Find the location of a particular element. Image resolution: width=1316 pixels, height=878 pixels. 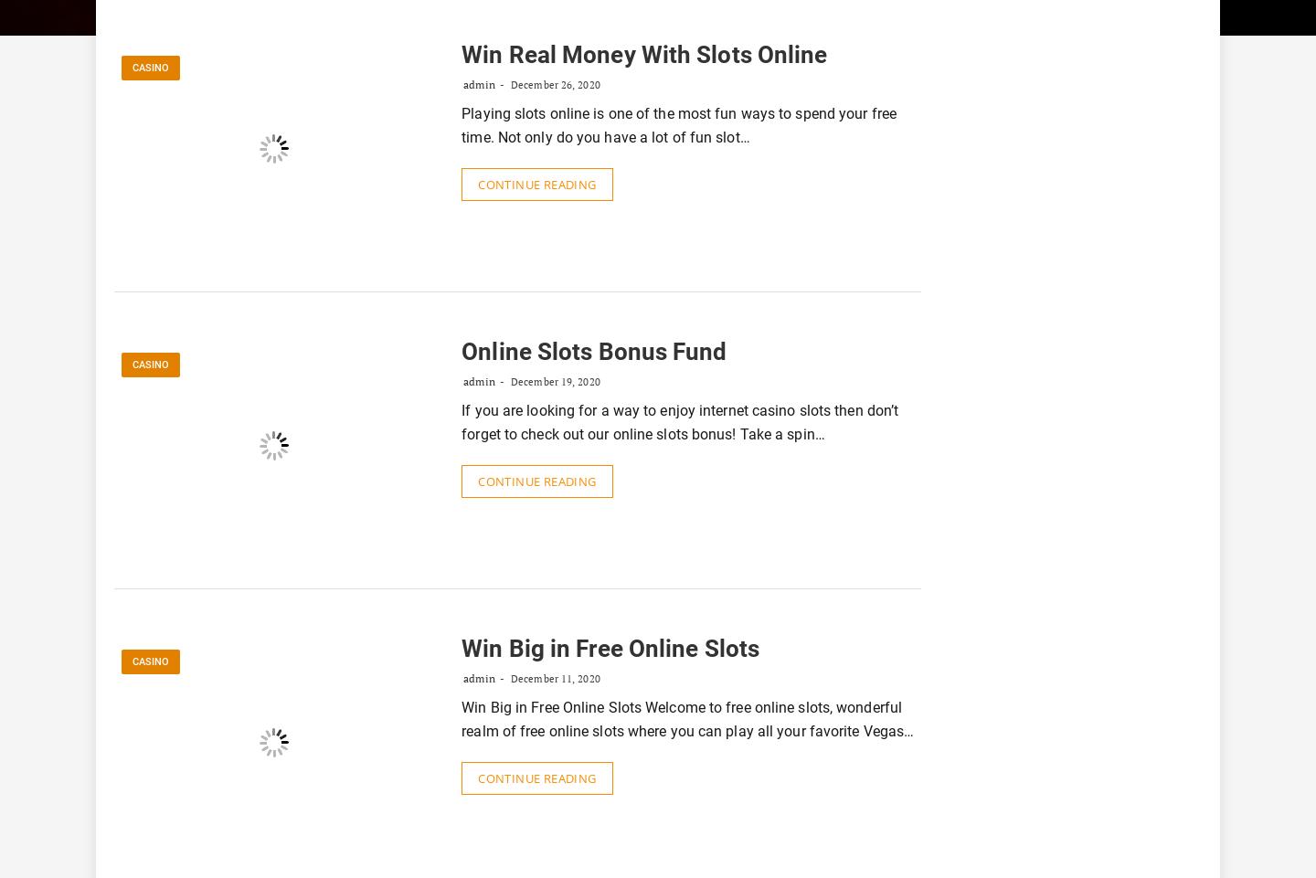

'Online Slots Bonus Fund' is located at coordinates (593, 351).